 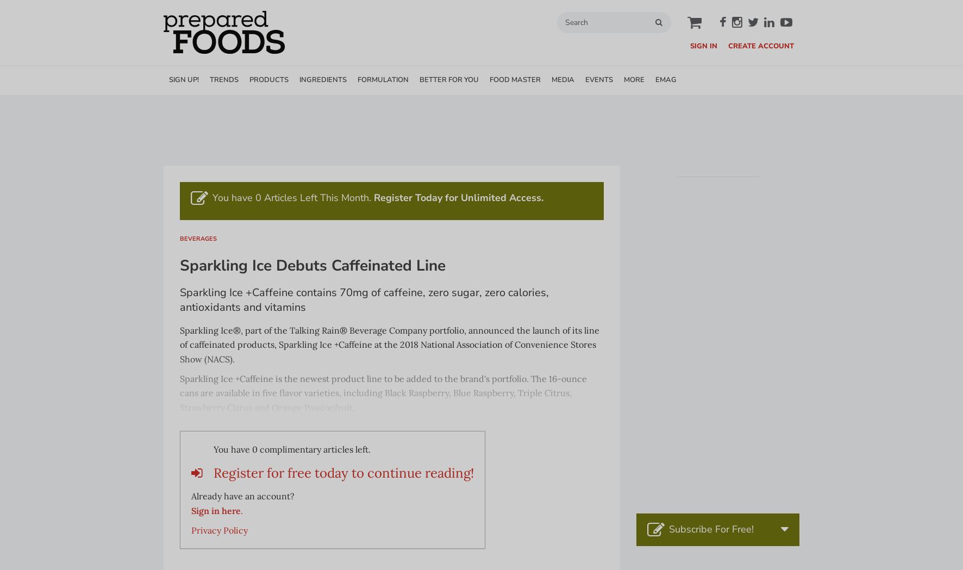 I want to click on 'Register for free today to continue reading!', so click(x=343, y=472).